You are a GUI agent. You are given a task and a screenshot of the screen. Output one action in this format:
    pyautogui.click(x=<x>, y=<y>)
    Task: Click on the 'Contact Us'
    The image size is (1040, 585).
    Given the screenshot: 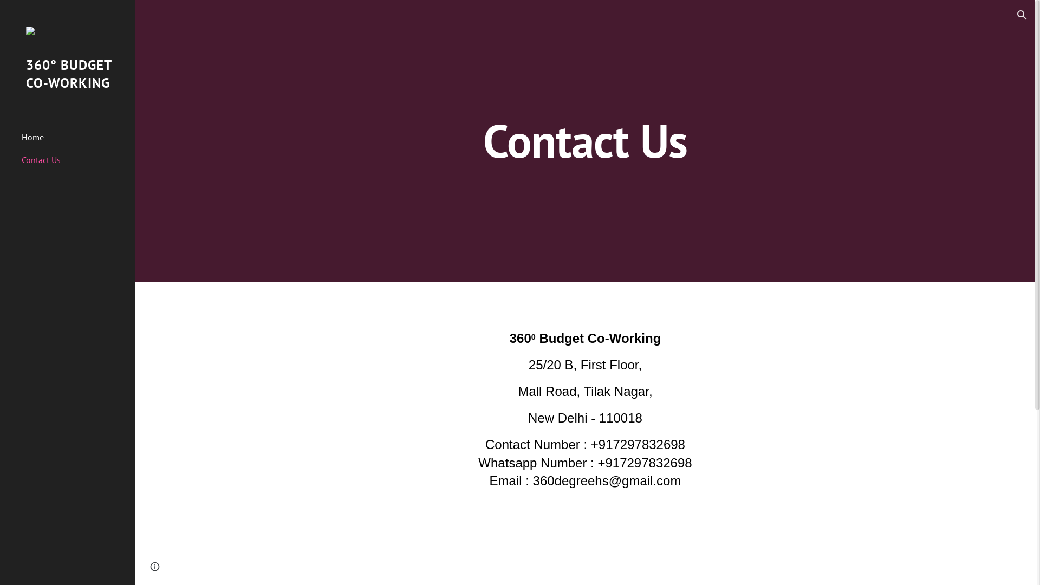 What is the action you would take?
    pyautogui.click(x=74, y=160)
    